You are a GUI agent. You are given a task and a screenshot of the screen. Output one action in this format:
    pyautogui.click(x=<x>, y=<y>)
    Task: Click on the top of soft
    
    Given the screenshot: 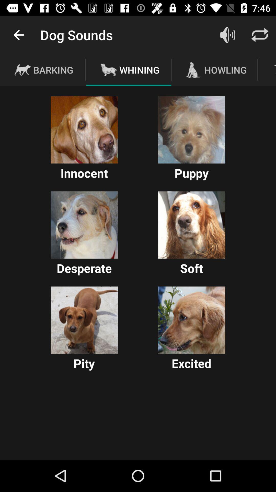 What is the action you would take?
    pyautogui.click(x=191, y=225)
    